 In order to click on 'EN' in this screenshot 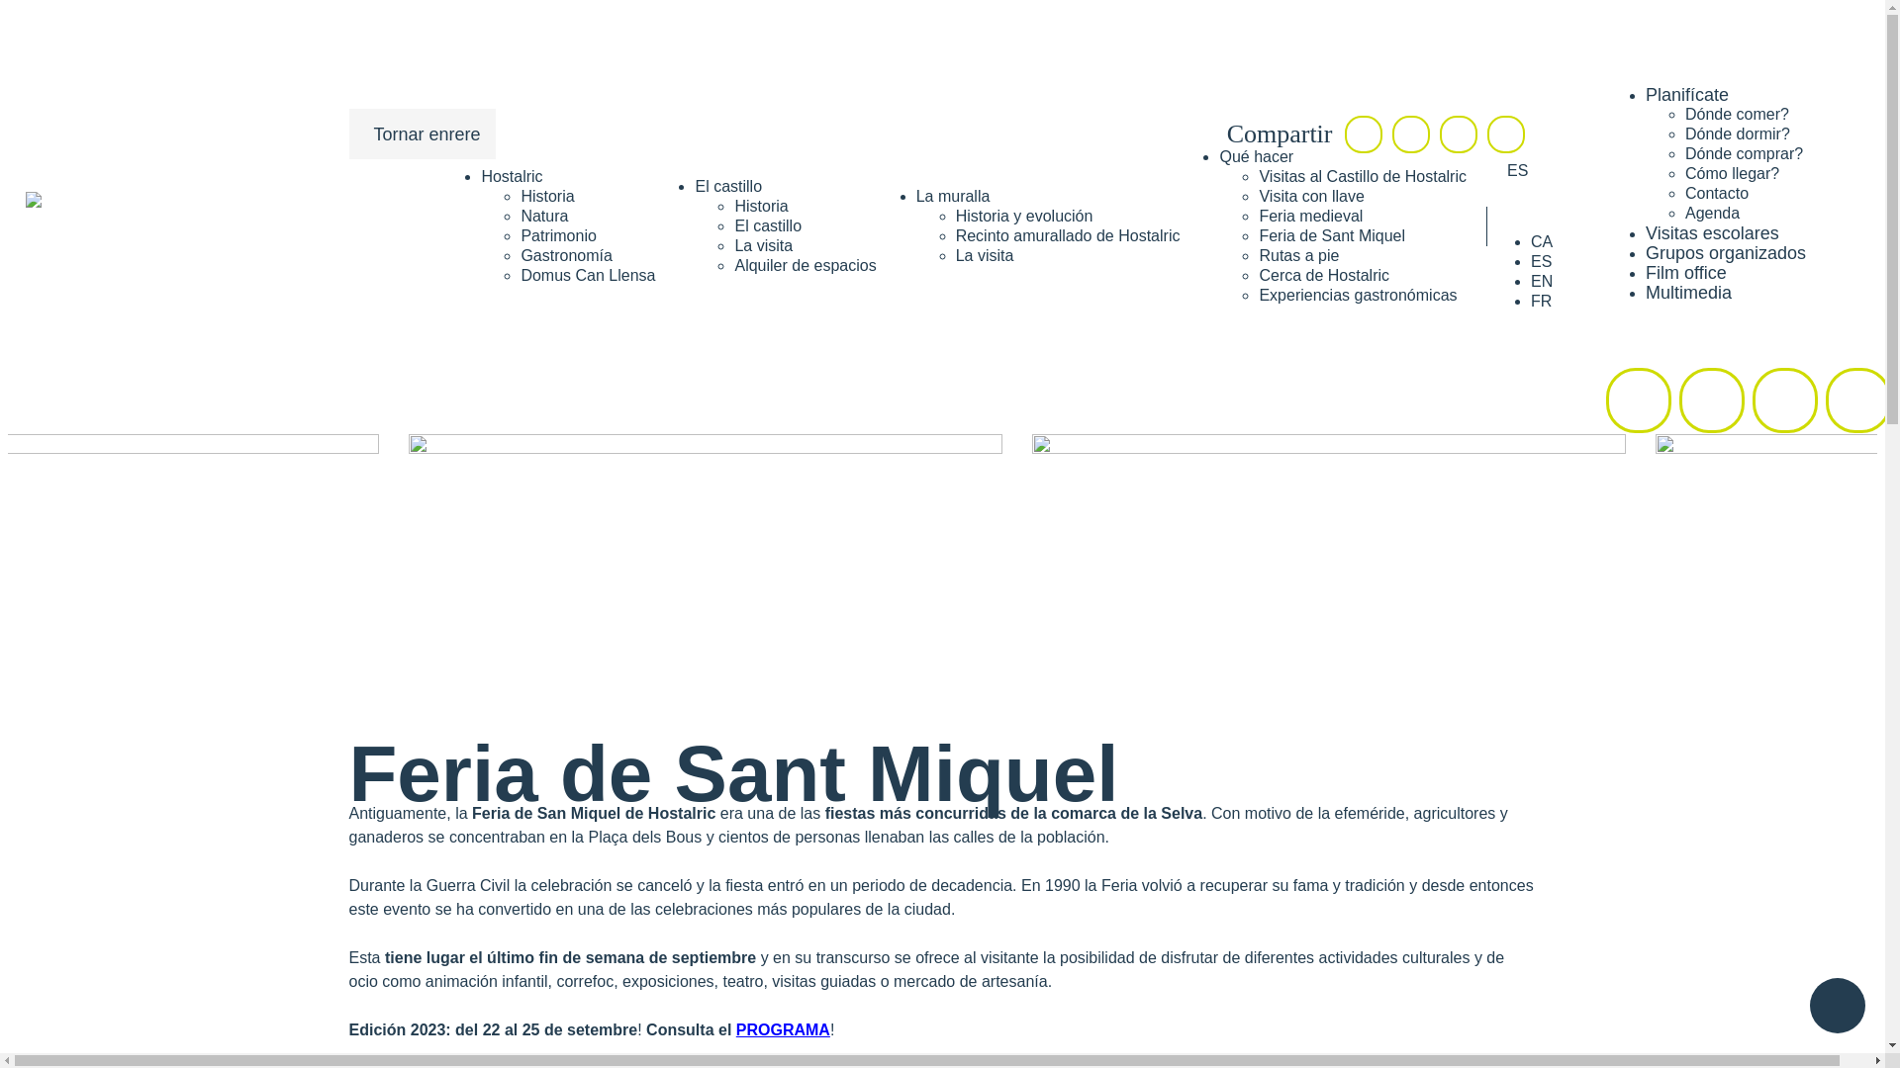, I will do `click(1541, 281)`.